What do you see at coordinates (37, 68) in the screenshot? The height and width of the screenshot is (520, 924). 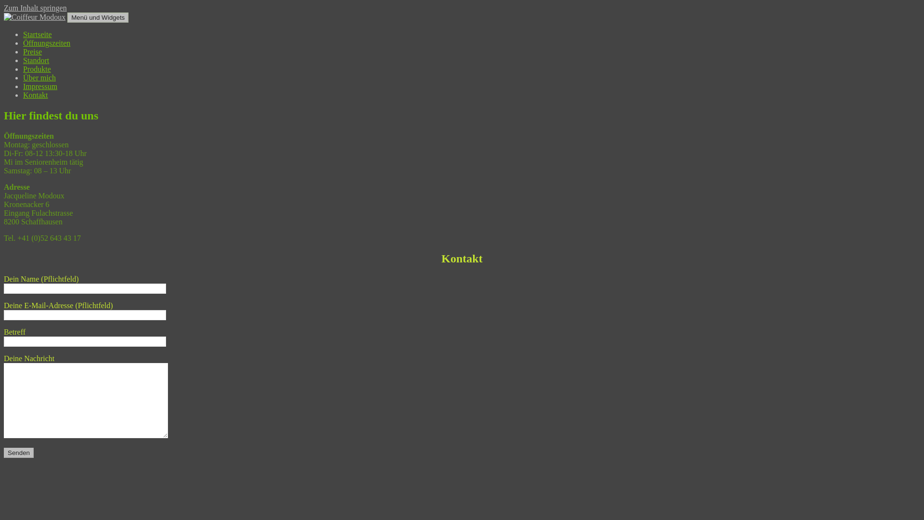 I see `'Produkte'` at bounding box center [37, 68].